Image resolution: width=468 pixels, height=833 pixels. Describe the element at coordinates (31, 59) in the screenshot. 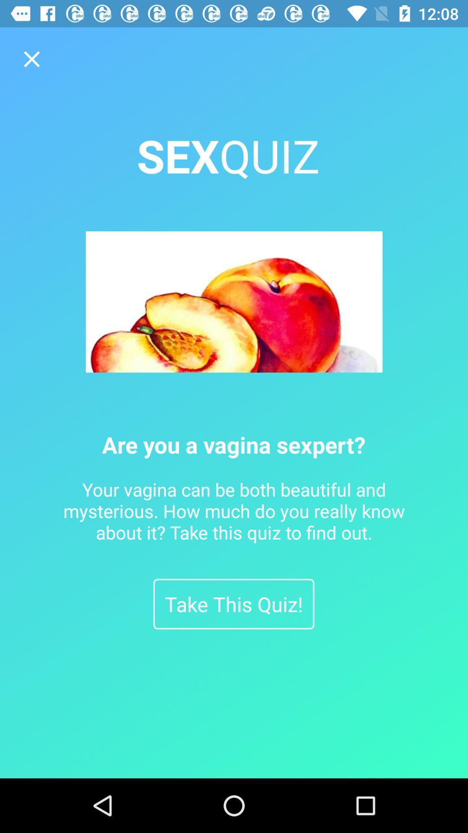

I see `window` at that location.